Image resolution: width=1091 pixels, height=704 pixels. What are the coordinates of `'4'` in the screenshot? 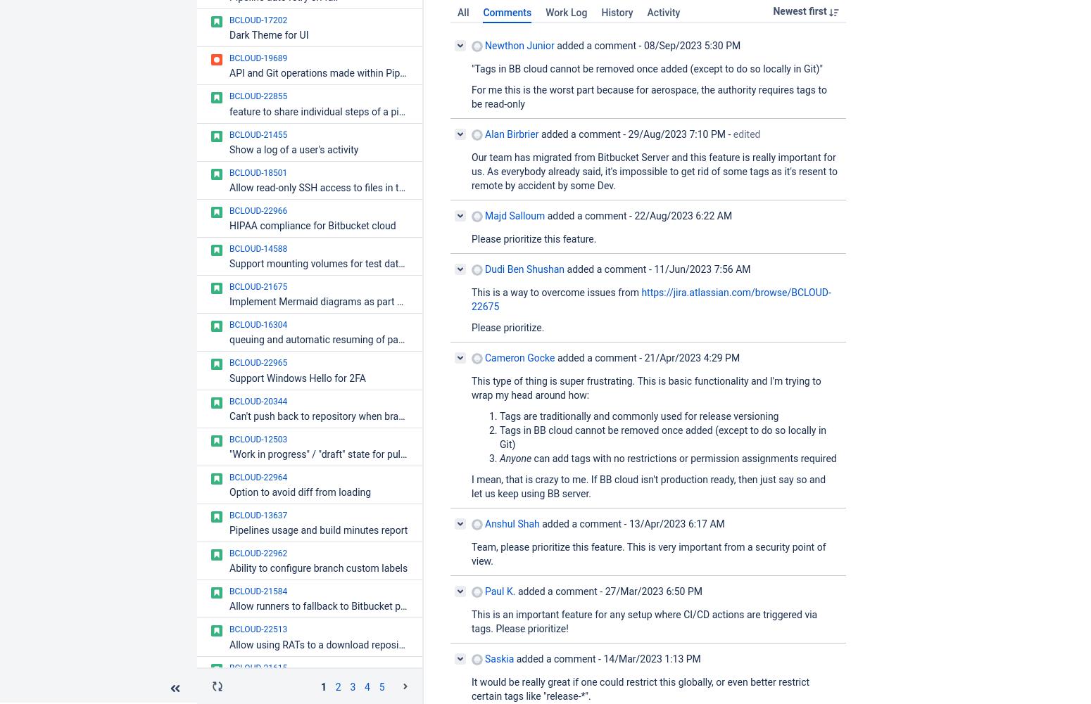 It's located at (366, 686).